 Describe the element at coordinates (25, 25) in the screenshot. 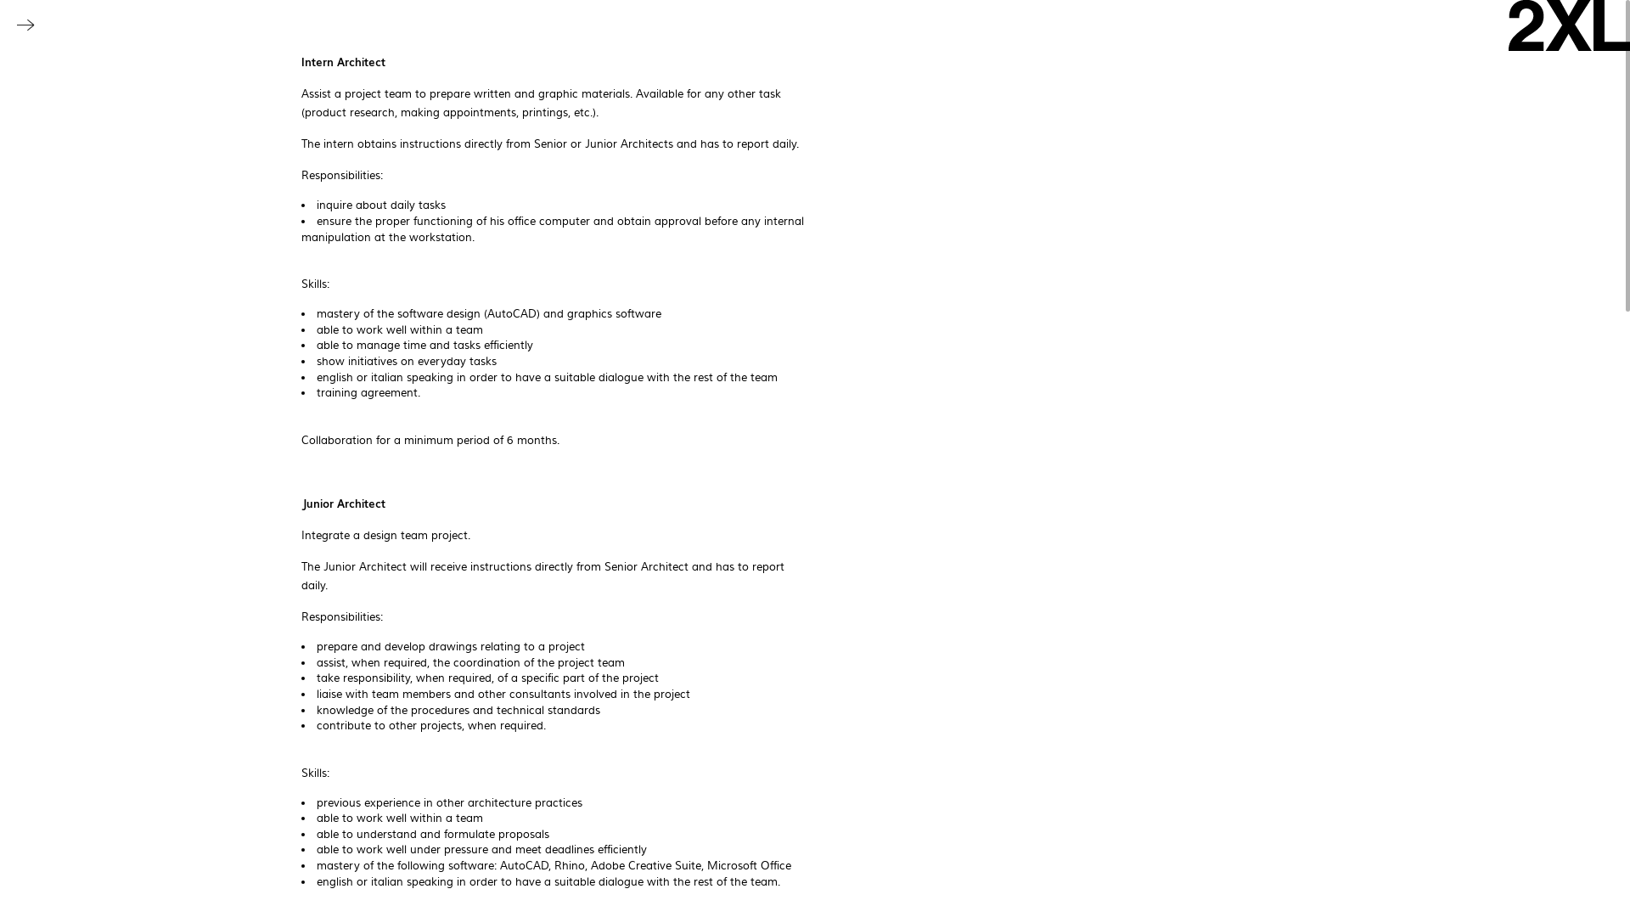

I see `'Toggle navigation'` at that location.